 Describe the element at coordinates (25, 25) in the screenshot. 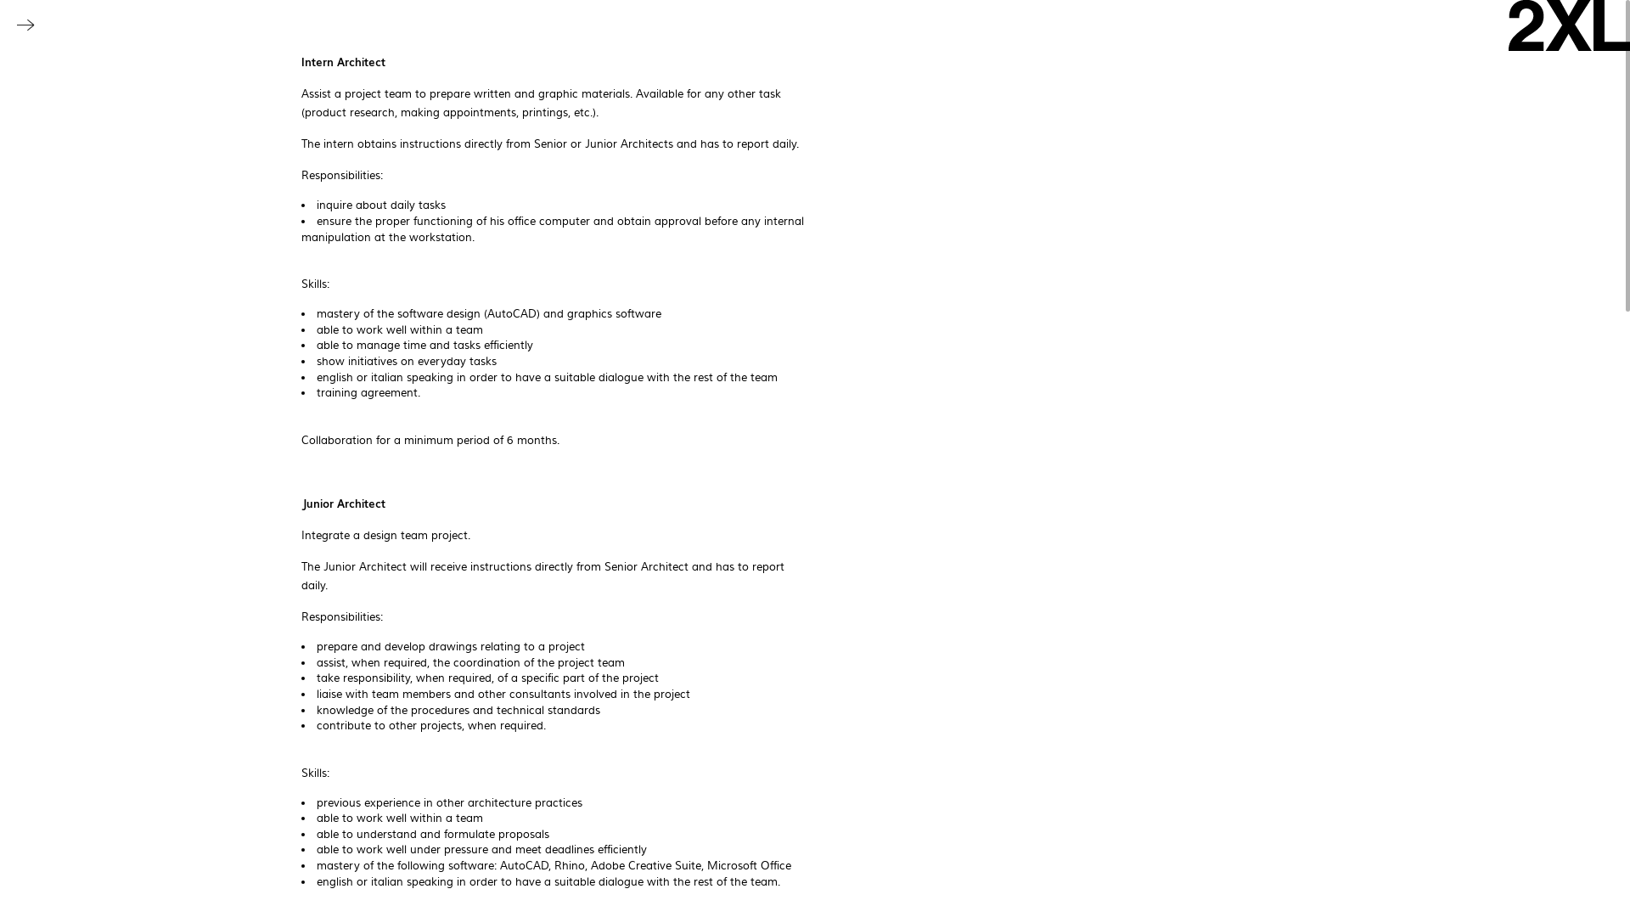

I see `'Toggle navigation'` at that location.